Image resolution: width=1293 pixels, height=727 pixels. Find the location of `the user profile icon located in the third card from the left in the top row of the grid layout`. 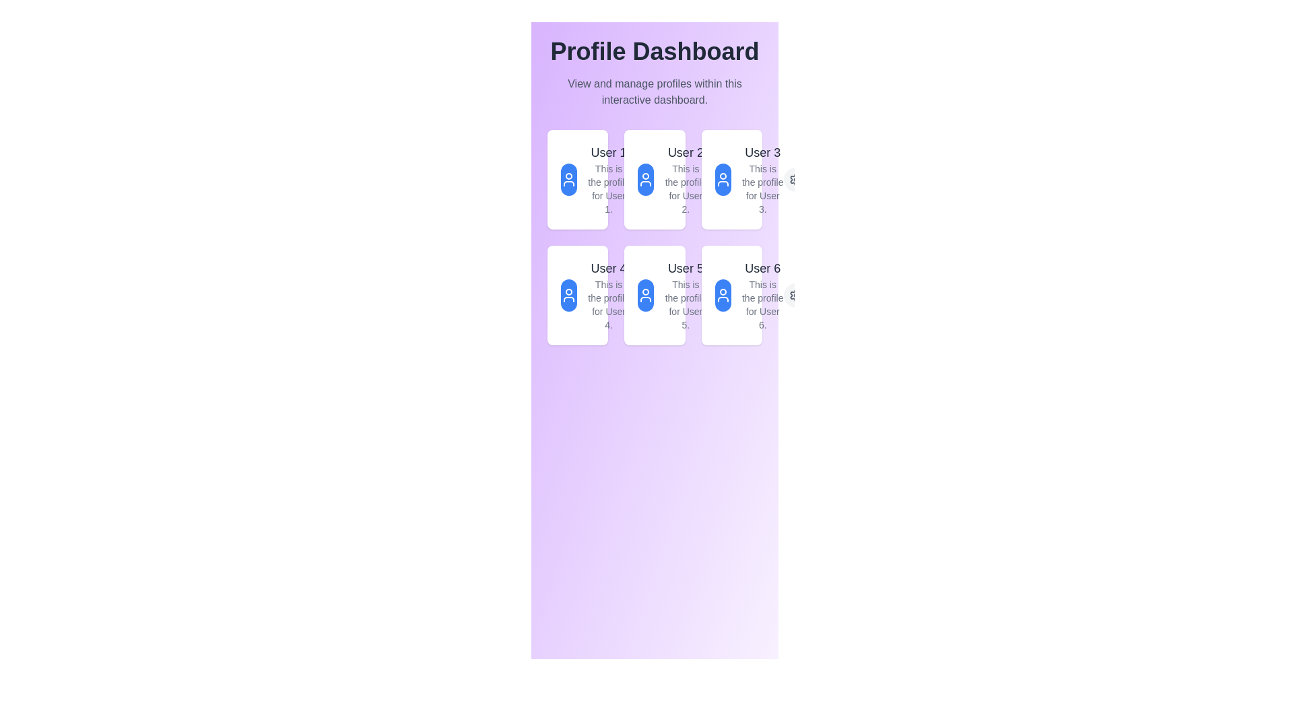

the user profile icon located in the third card from the left in the top row of the grid layout is located at coordinates (722, 178).